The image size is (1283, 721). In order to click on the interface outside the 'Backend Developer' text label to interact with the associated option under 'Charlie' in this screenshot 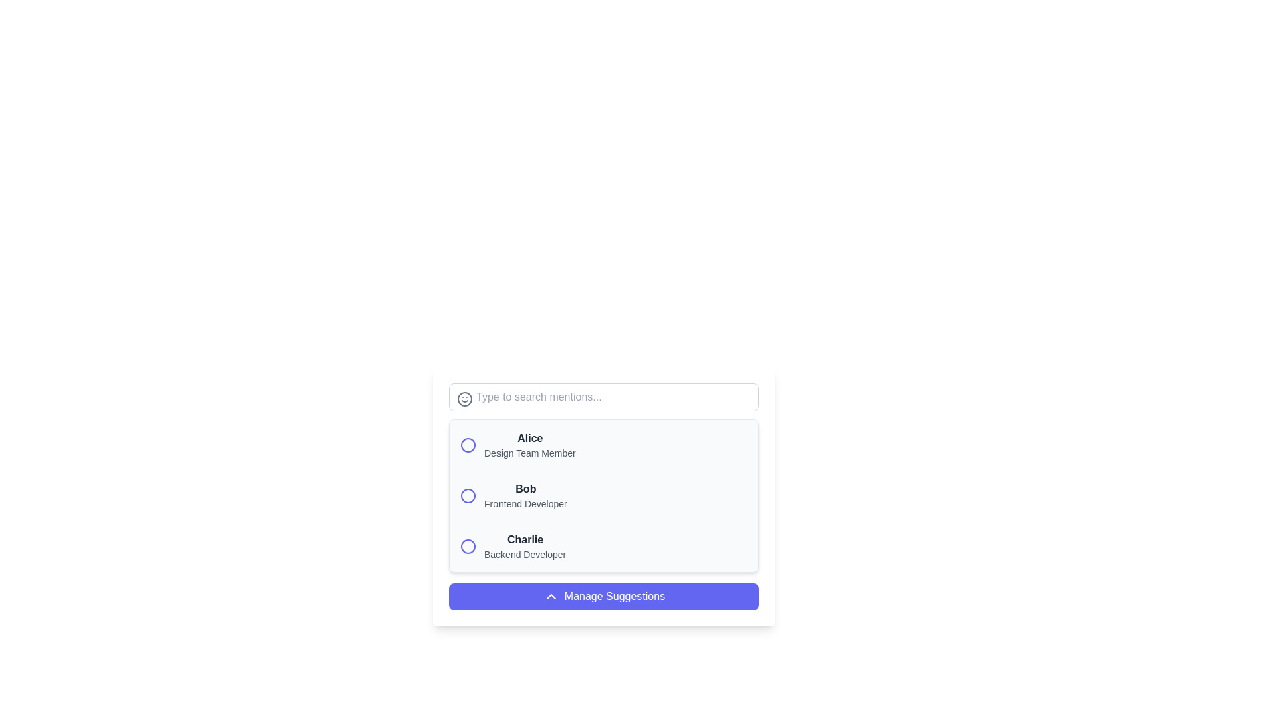, I will do `click(525, 554)`.